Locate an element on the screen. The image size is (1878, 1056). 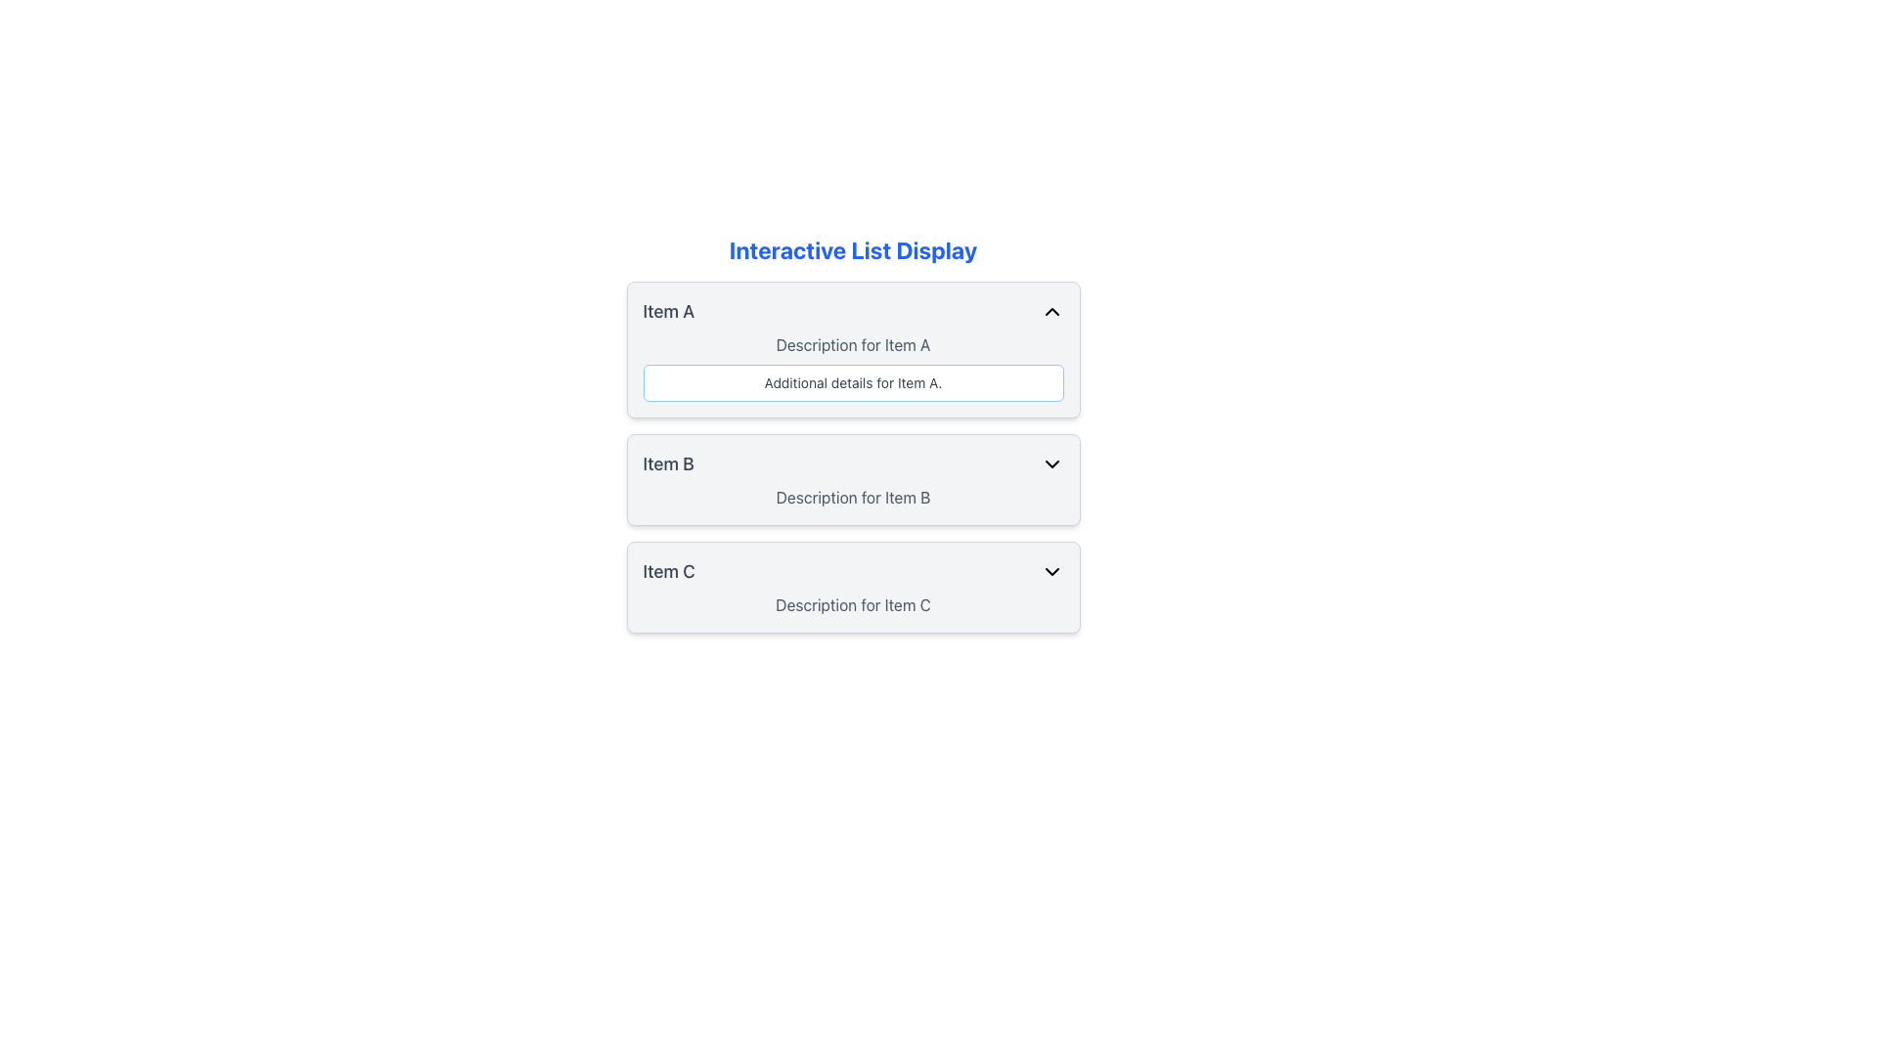
the upward-pointing chevron icon button located to the right of 'Item A' is located at coordinates (1051, 311).